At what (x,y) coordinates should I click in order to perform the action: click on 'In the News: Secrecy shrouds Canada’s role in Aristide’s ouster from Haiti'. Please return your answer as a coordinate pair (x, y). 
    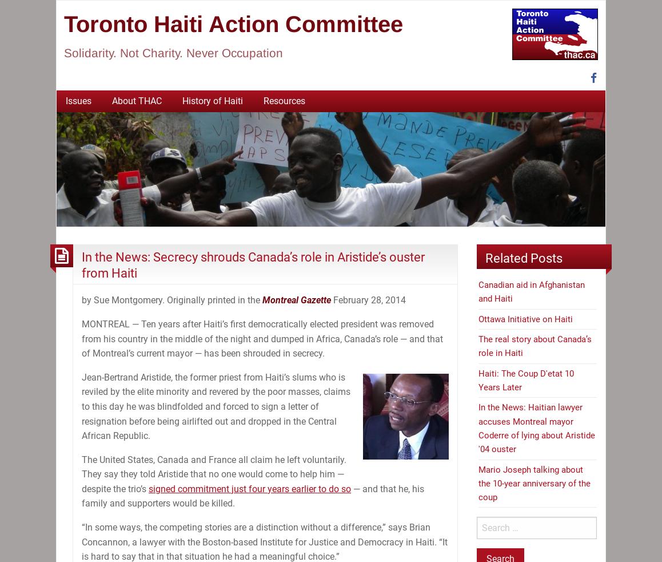
    Looking at the image, I should click on (253, 264).